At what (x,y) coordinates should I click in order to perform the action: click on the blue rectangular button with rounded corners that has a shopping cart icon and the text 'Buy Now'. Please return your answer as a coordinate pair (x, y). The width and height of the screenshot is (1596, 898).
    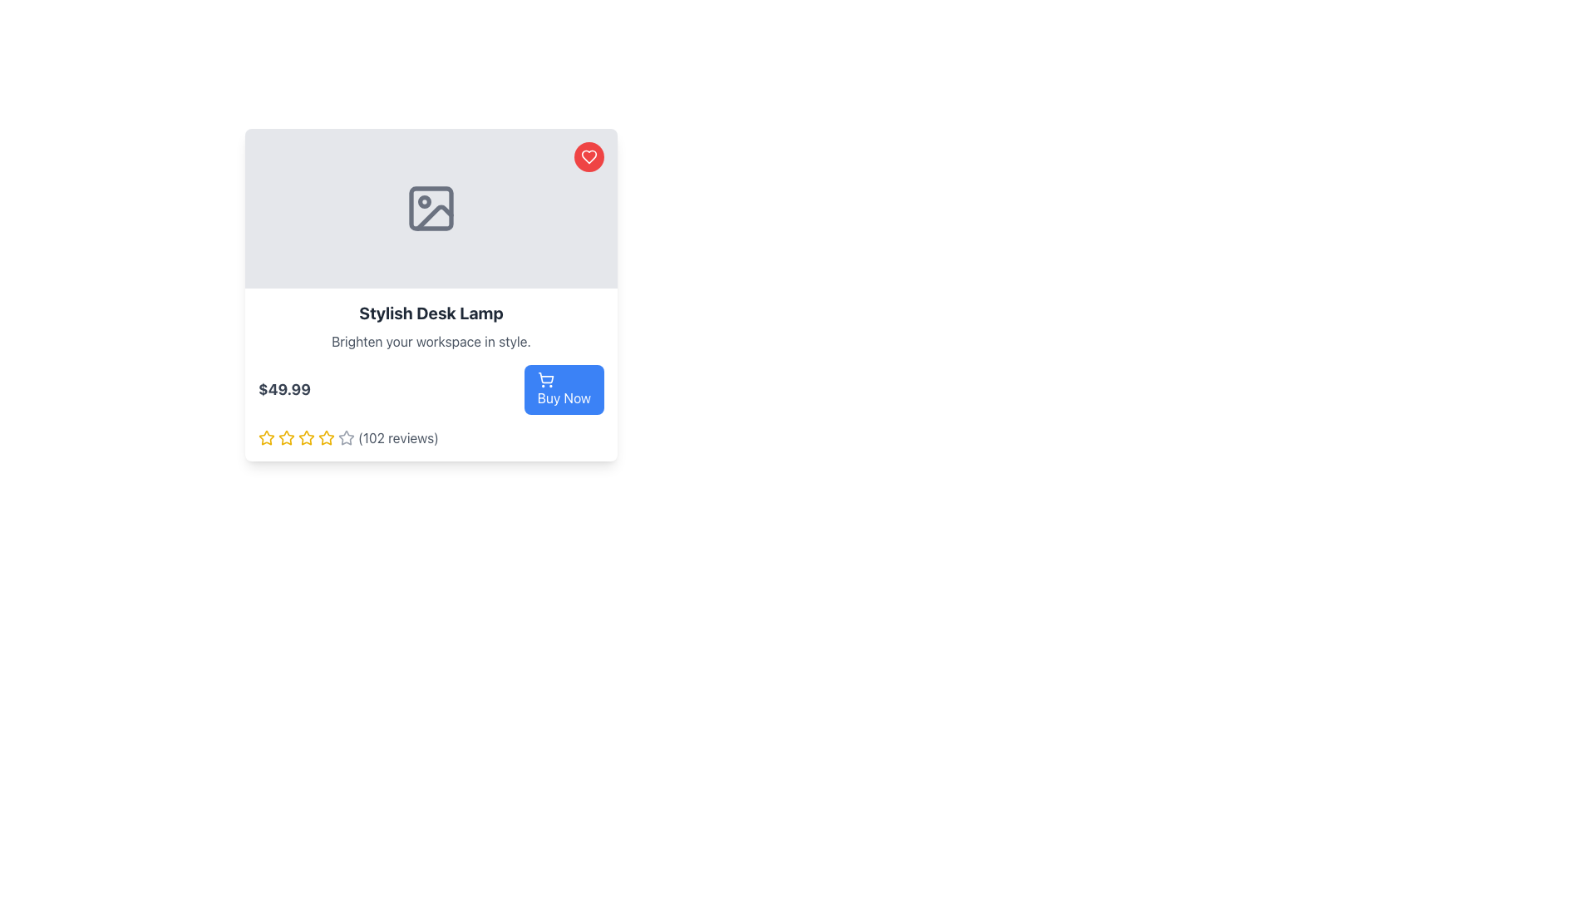
    Looking at the image, I should click on (564, 390).